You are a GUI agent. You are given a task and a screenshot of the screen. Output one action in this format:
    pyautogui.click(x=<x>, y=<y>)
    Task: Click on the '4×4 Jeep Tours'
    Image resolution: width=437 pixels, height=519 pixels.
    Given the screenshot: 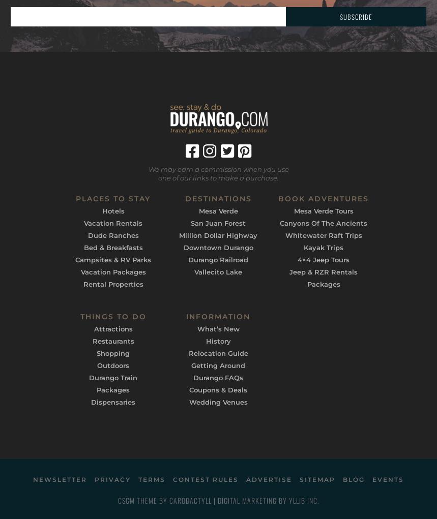 What is the action you would take?
    pyautogui.click(x=323, y=258)
    